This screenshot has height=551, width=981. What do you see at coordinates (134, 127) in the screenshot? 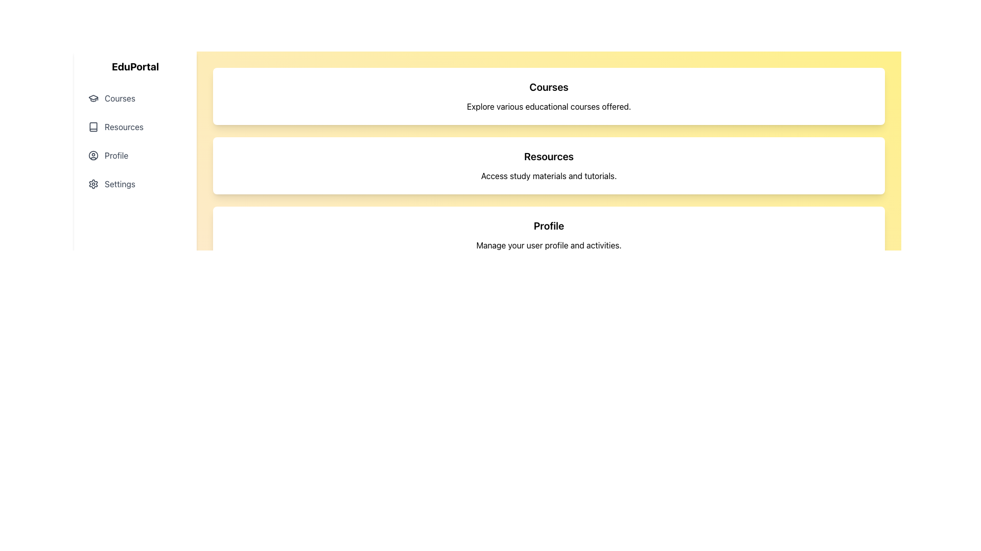
I see `the 'Resources' navigation button located in the vertical menu on the left side of the page, positioned between 'Courses' and 'Profile'` at bounding box center [134, 127].